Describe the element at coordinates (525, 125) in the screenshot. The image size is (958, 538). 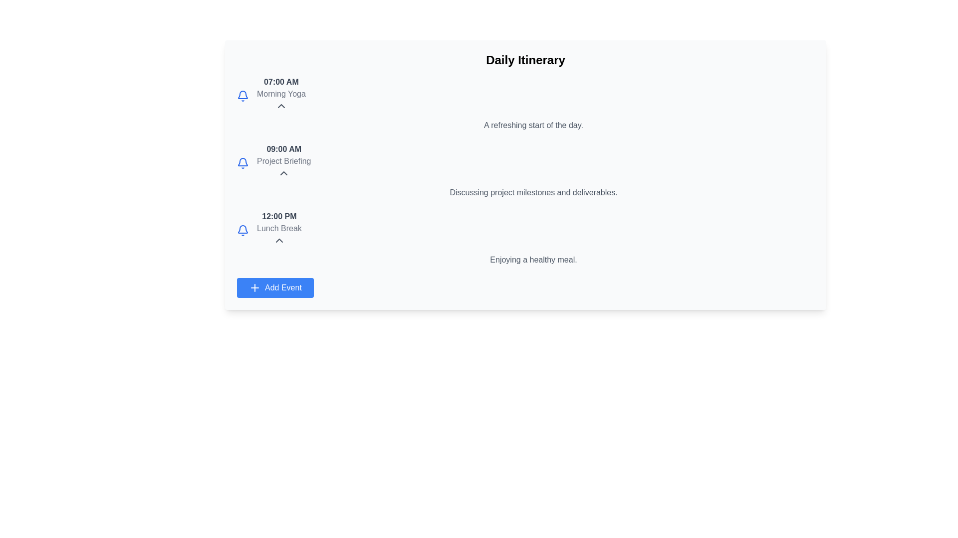
I see `the text block displaying 'A refreshing start of the day.' which is positioned below the 'Morning Yoga' text and aligned with the schedule's times` at that location.